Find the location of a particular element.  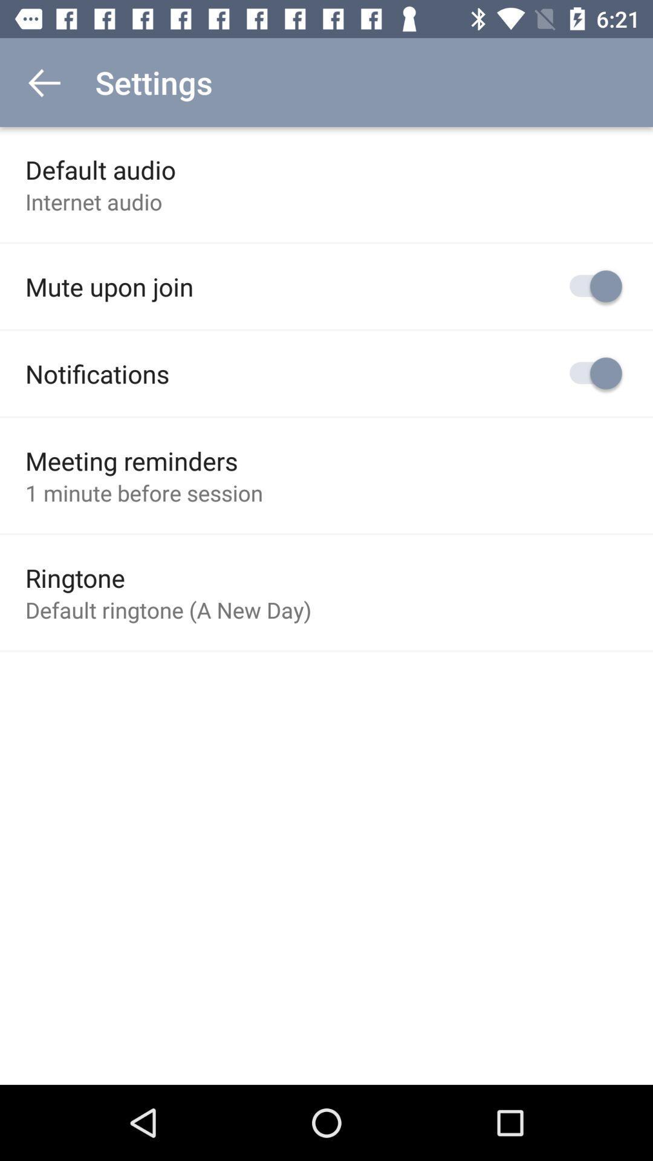

default audio is located at coordinates (100, 169).